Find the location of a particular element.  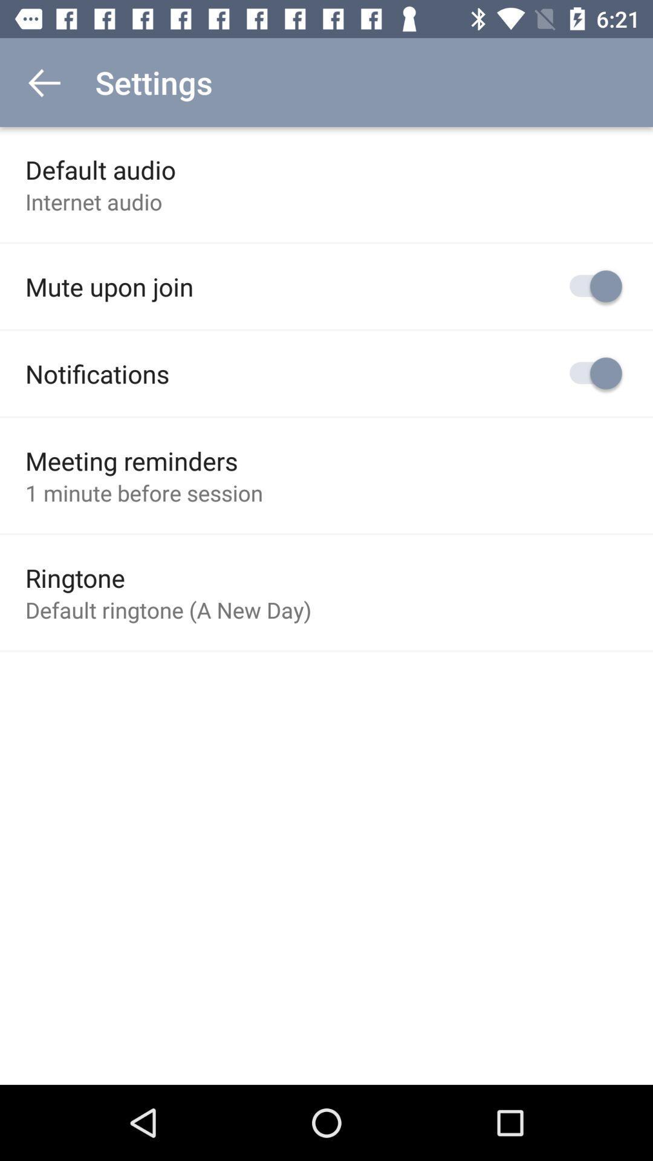

default audio is located at coordinates (100, 169).